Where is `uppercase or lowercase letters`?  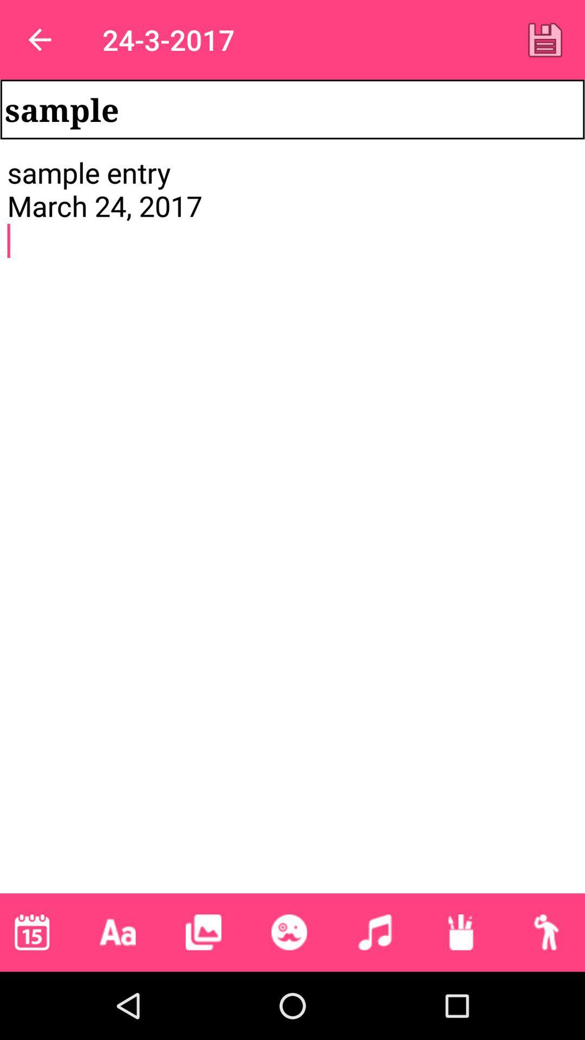 uppercase or lowercase letters is located at coordinates (118, 932).